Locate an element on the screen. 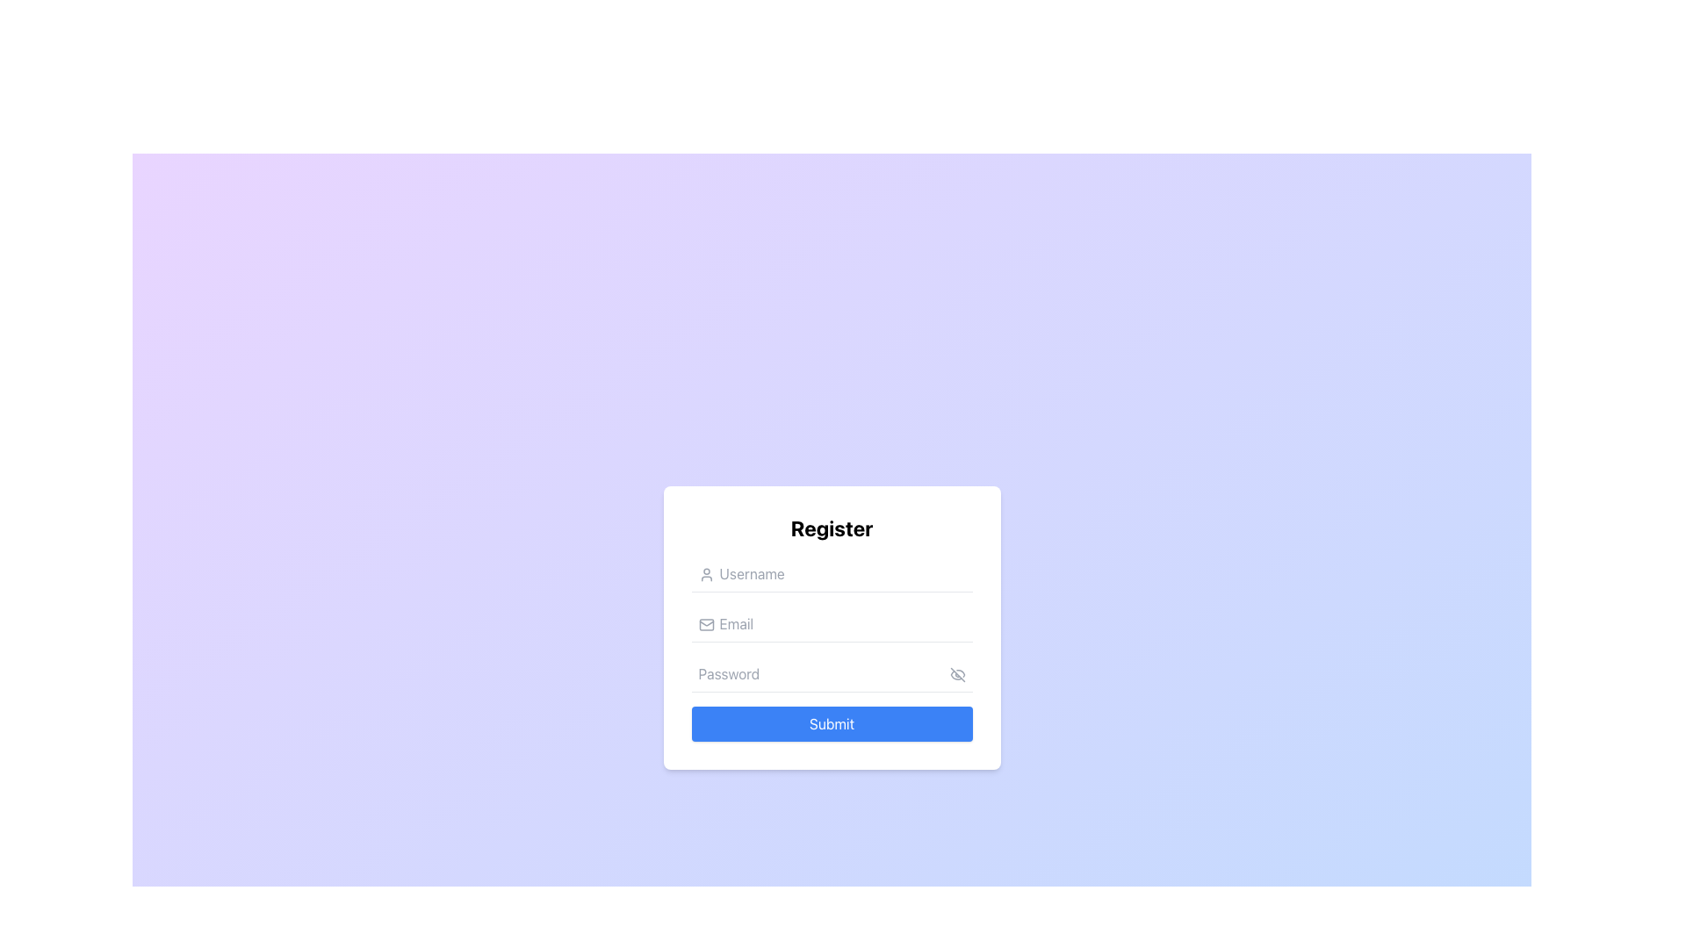  the 'Submit' button, which is a rectangular button with rounded corners, filled with a blue background and white text, located at the bottom of the form beneath the password input field is located at coordinates (831, 723).